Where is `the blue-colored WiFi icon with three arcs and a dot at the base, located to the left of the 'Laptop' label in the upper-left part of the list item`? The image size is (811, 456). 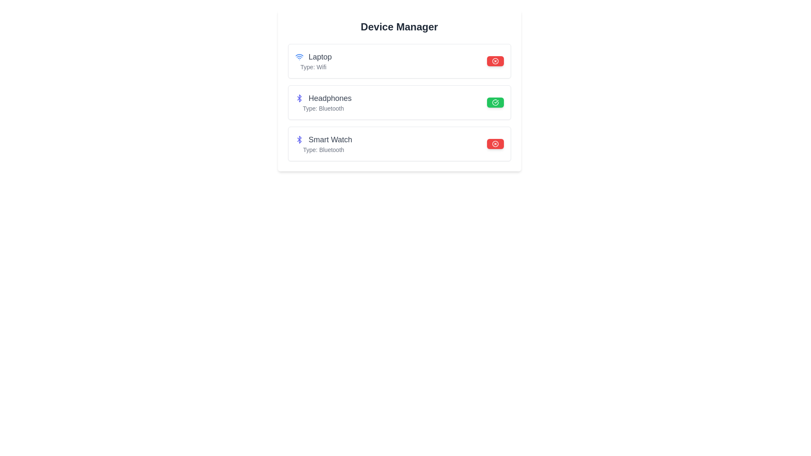 the blue-colored WiFi icon with three arcs and a dot at the base, located to the left of the 'Laptop' label in the upper-left part of the list item is located at coordinates (299, 57).